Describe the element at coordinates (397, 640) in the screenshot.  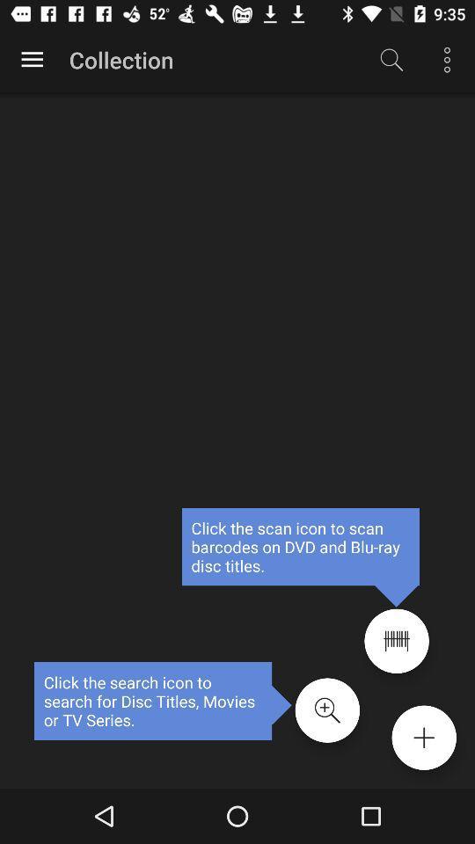
I see `scan bar codes` at that location.